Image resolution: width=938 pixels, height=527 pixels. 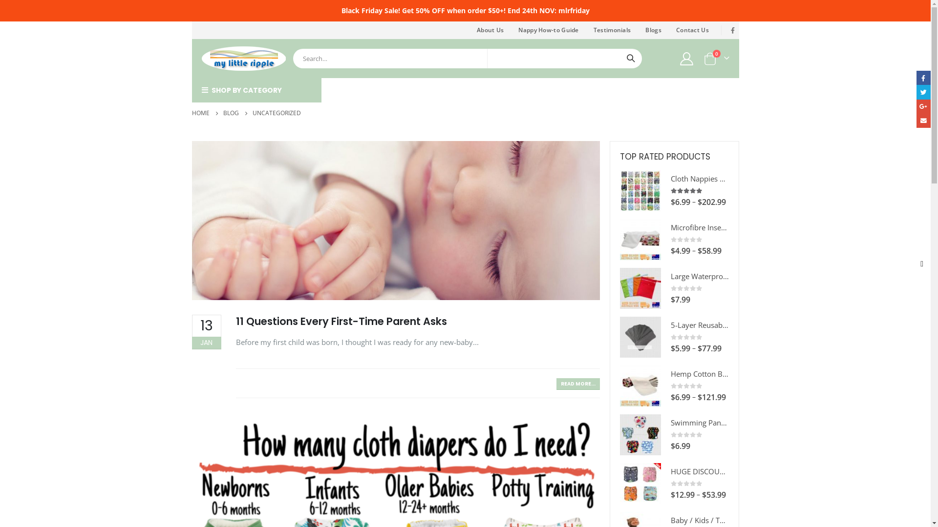 What do you see at coordinates (469, 29) in the screenshot?
I see `'About Us'` at bounding box center [469, 29].